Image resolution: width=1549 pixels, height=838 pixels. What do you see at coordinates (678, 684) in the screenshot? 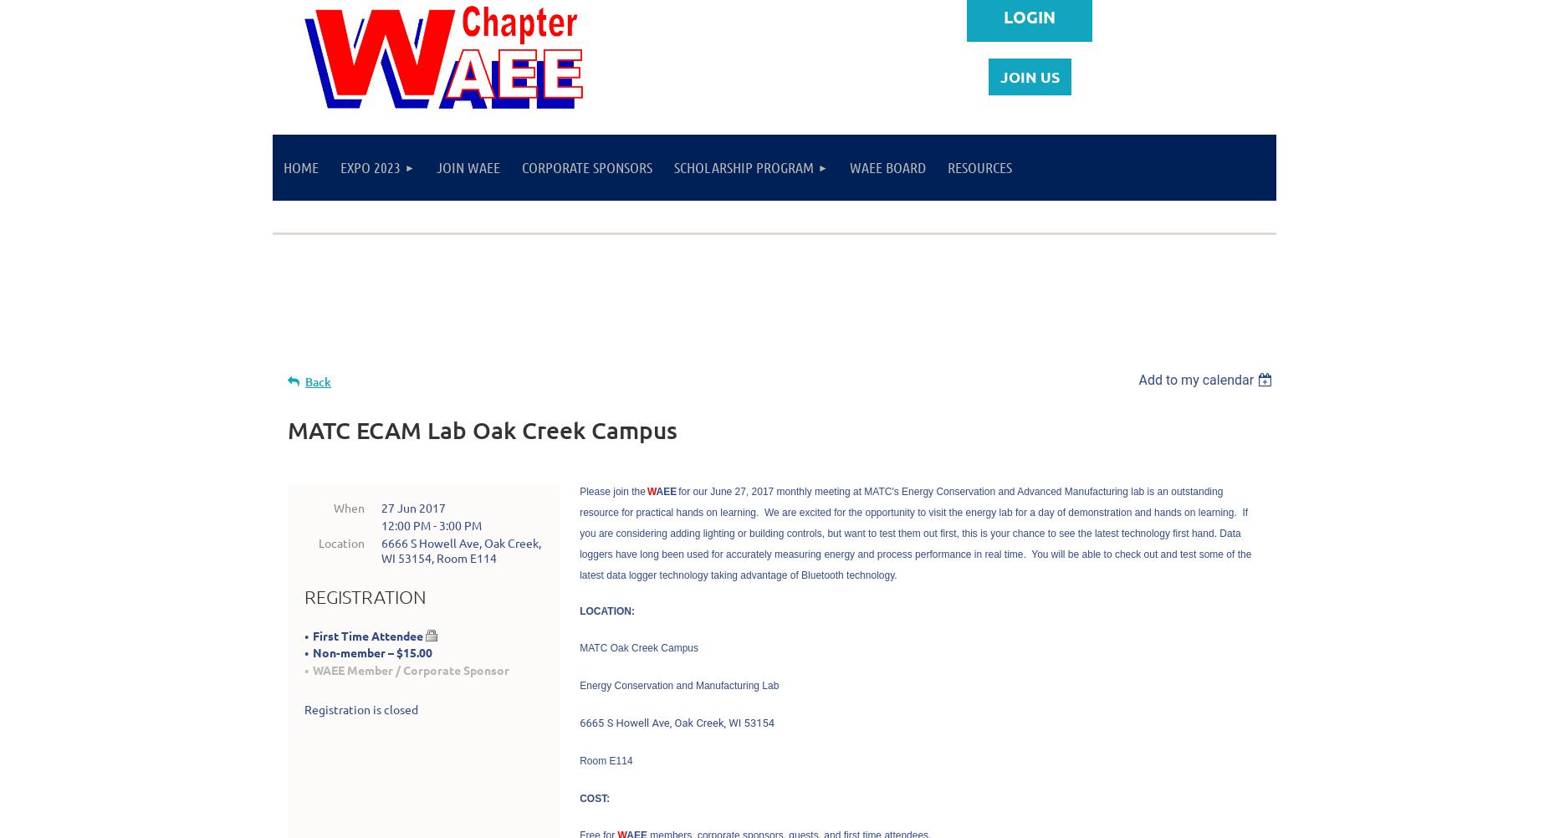
I see `'Energy Conservation and Manufacturing Lab'` at bounding box center [678, 684].